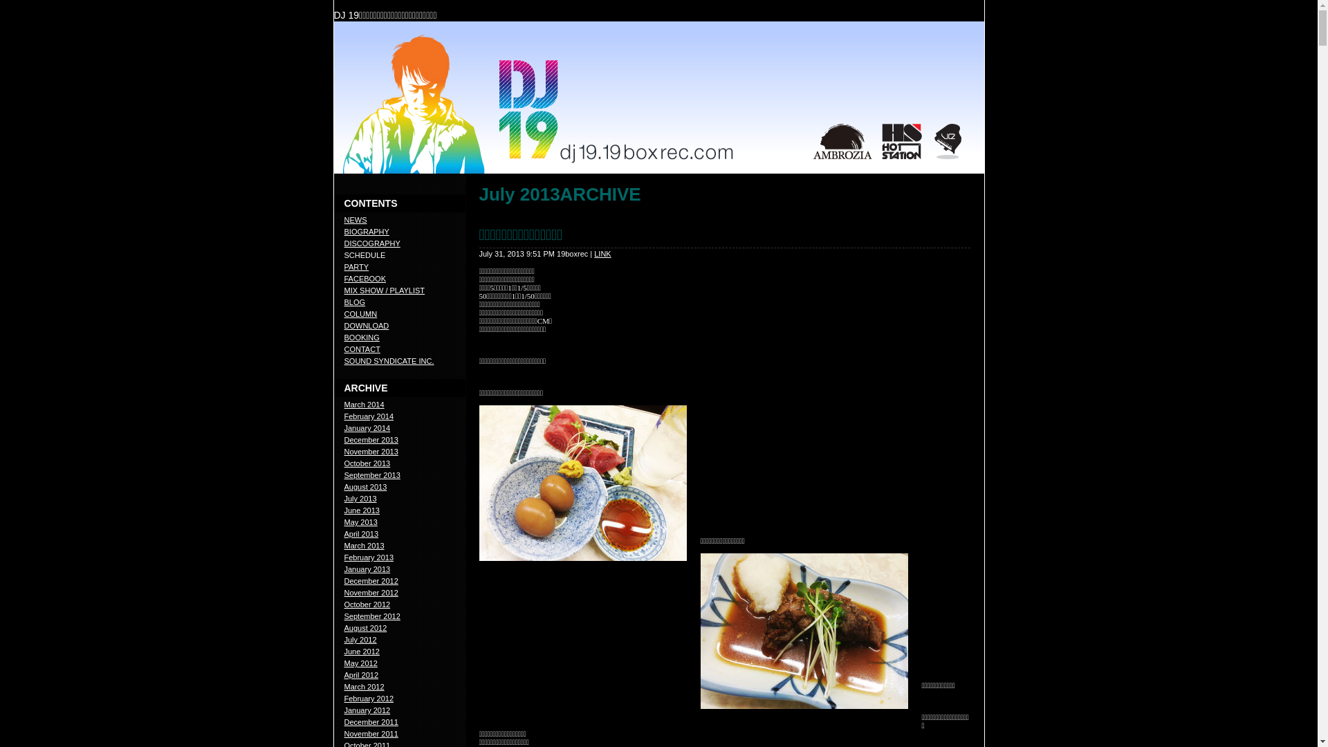 Image resolution: width=1328 pixels, height=747 pixels. I want to click on 'April 2013', so click(362, 533).